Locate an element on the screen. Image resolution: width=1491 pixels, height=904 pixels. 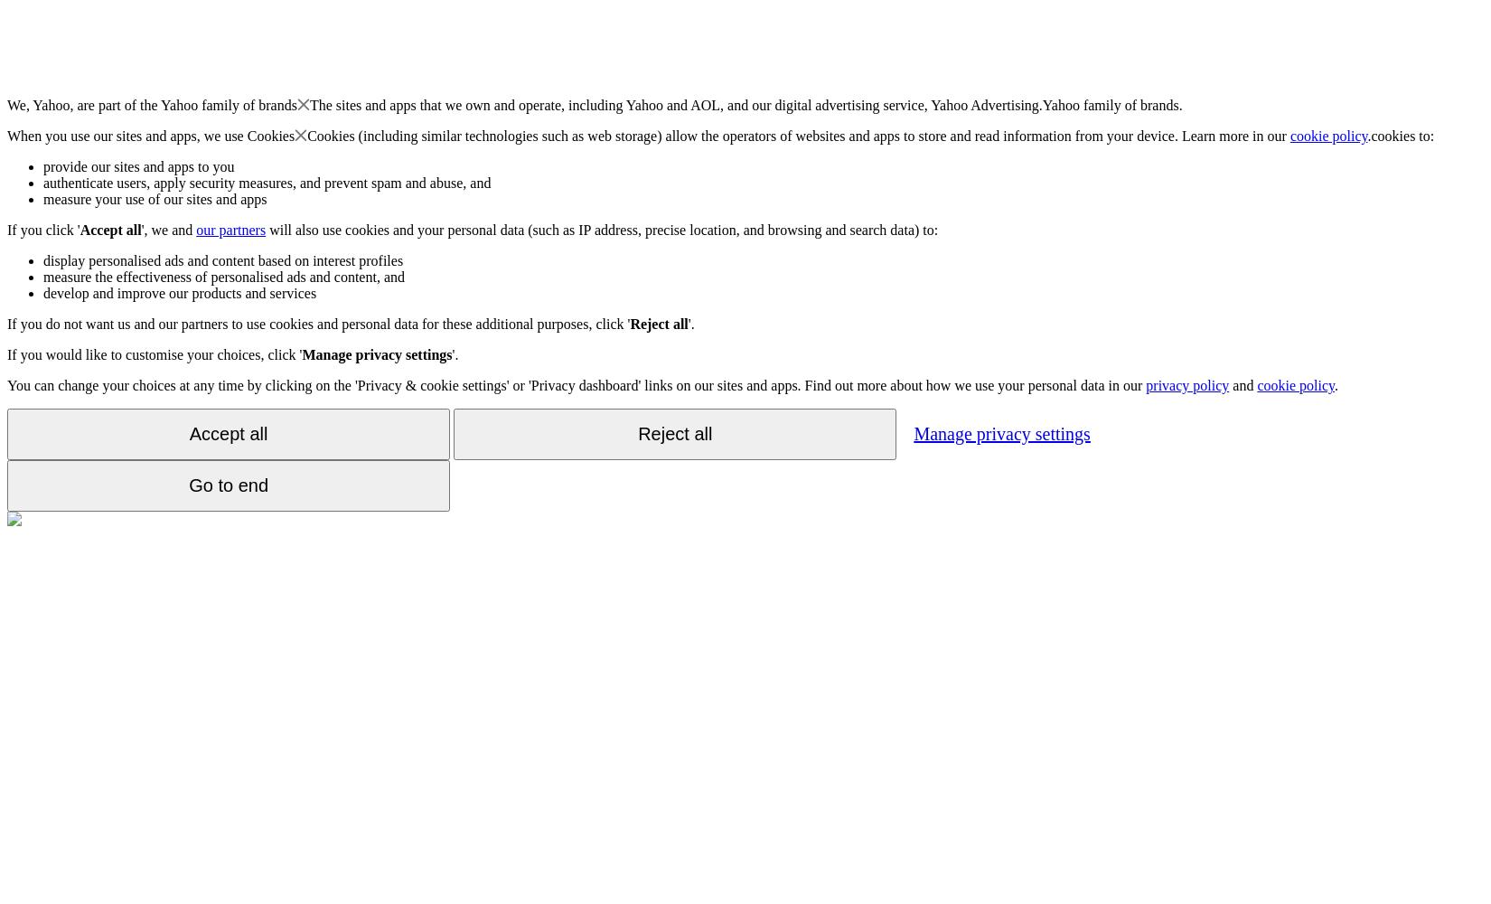
'The sites and apps that we own and operate, including Yahoo and AOL, and our digital advertising service, Yahoo Advertising.' is located at coordinates (674, 104).